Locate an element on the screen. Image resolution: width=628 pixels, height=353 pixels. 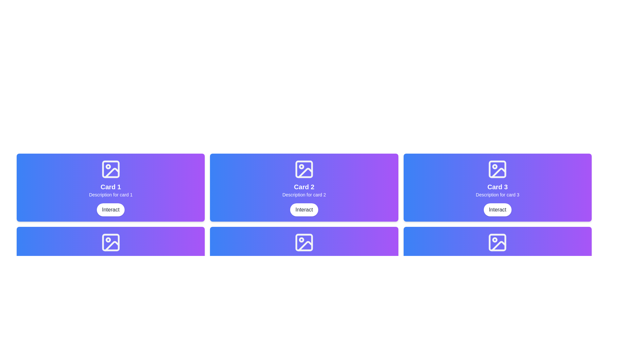
the graphical icon resembling a picture frame with a mountain and sun, which is centered within the rounded rectangular card labeled 'Card 5' is located at coordinates (304, 242).